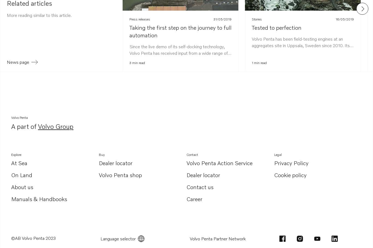  Describe the element at coordinates (180, 31) in the screenshot. I see `'Taking the first step on the journey to full automation'` at that location.